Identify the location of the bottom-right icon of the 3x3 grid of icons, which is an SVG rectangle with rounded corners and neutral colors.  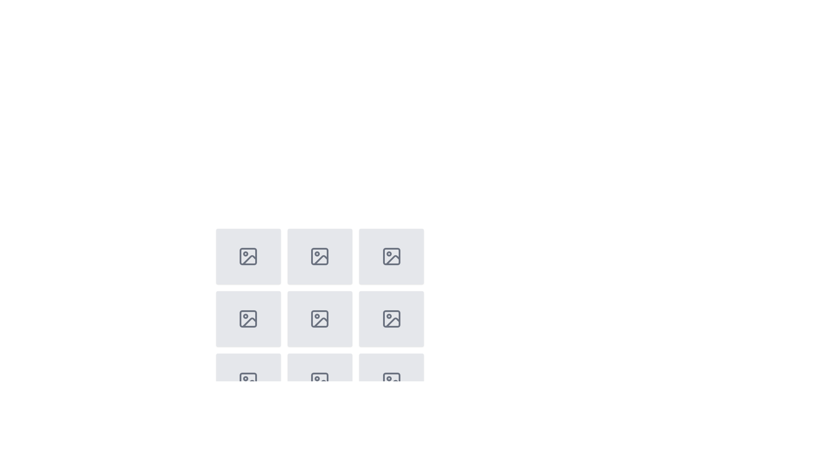
(391, 380).